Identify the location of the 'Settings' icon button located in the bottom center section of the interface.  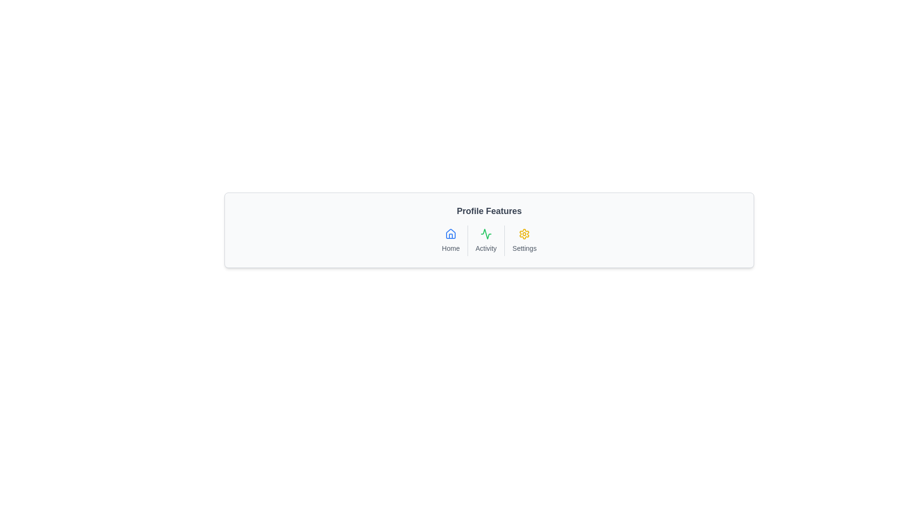
(524, 234).